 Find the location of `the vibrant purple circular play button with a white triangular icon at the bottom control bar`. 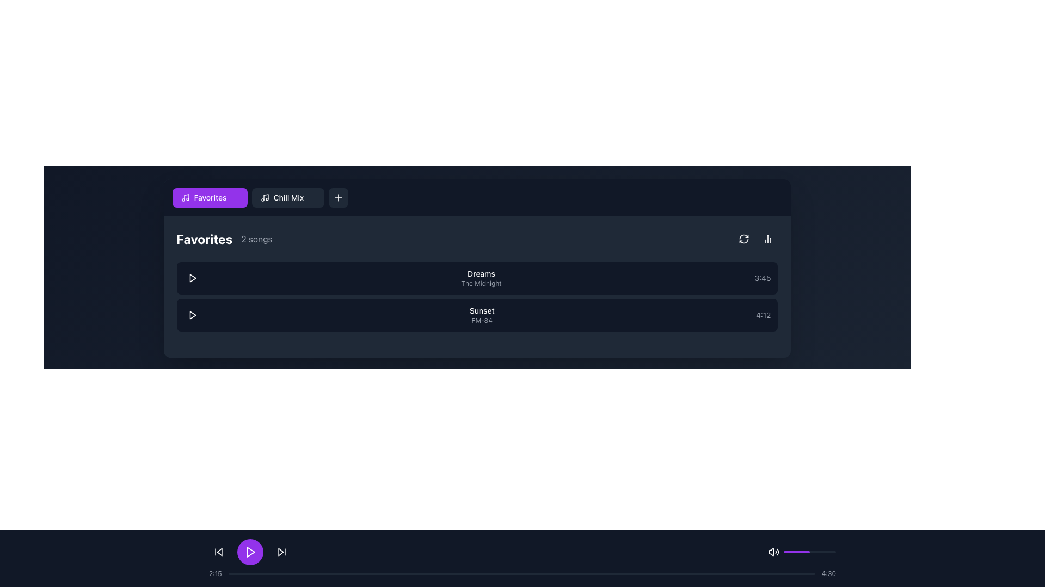

the vibrant purple circular play button with a white triangular icon at the bottom control bar is located at coordinates (250, 552).